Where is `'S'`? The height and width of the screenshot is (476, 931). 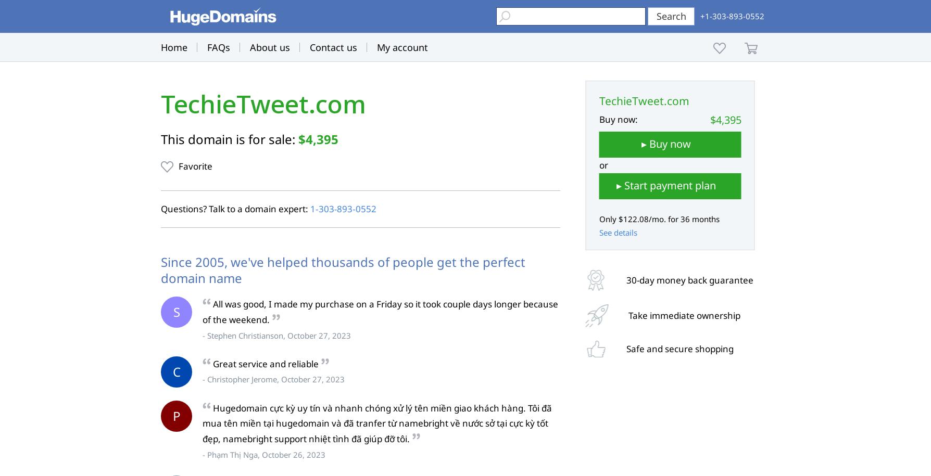
'S' is located at coordinates (175, 311).